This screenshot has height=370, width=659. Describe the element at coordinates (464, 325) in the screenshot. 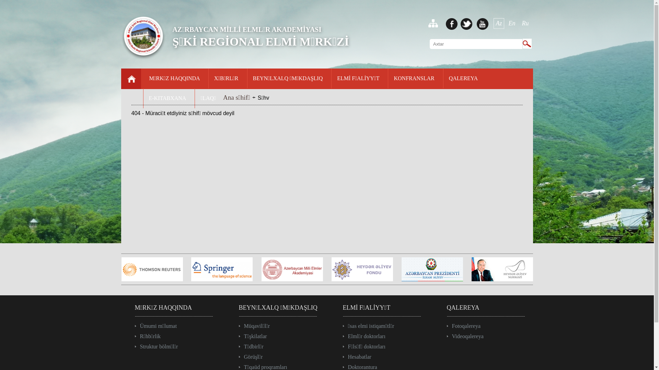

I see `'Fotoqalereya'` at that location.